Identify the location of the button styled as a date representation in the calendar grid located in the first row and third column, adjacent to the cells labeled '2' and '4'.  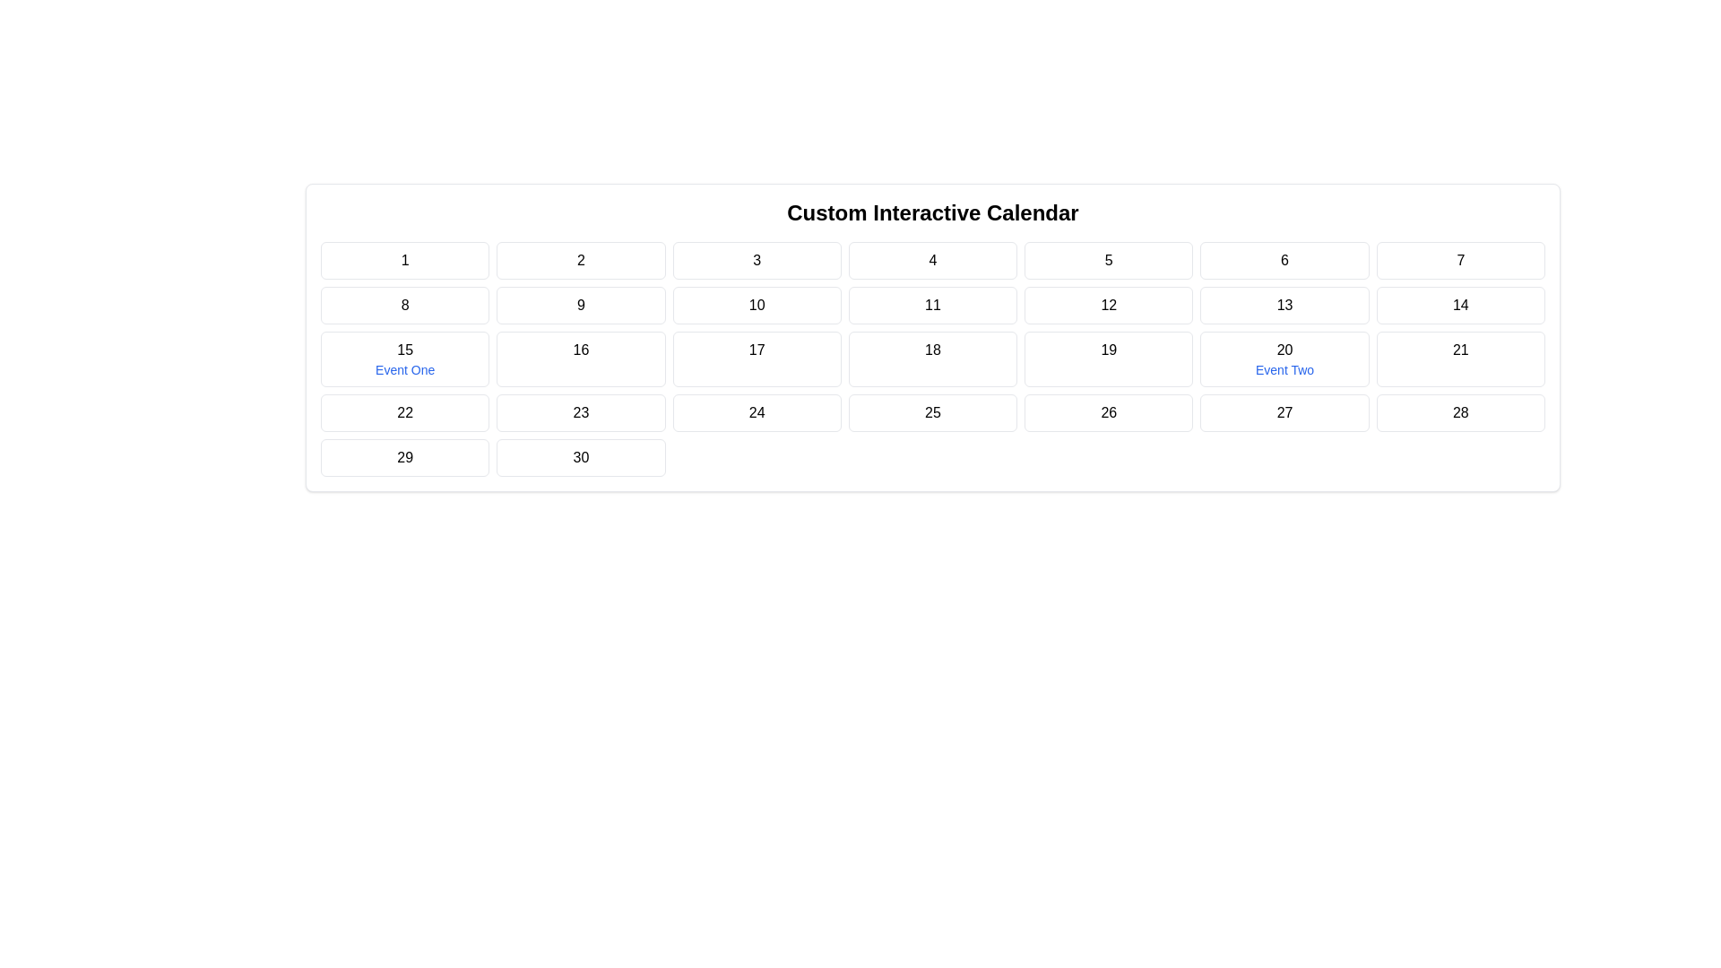
(757, 260).